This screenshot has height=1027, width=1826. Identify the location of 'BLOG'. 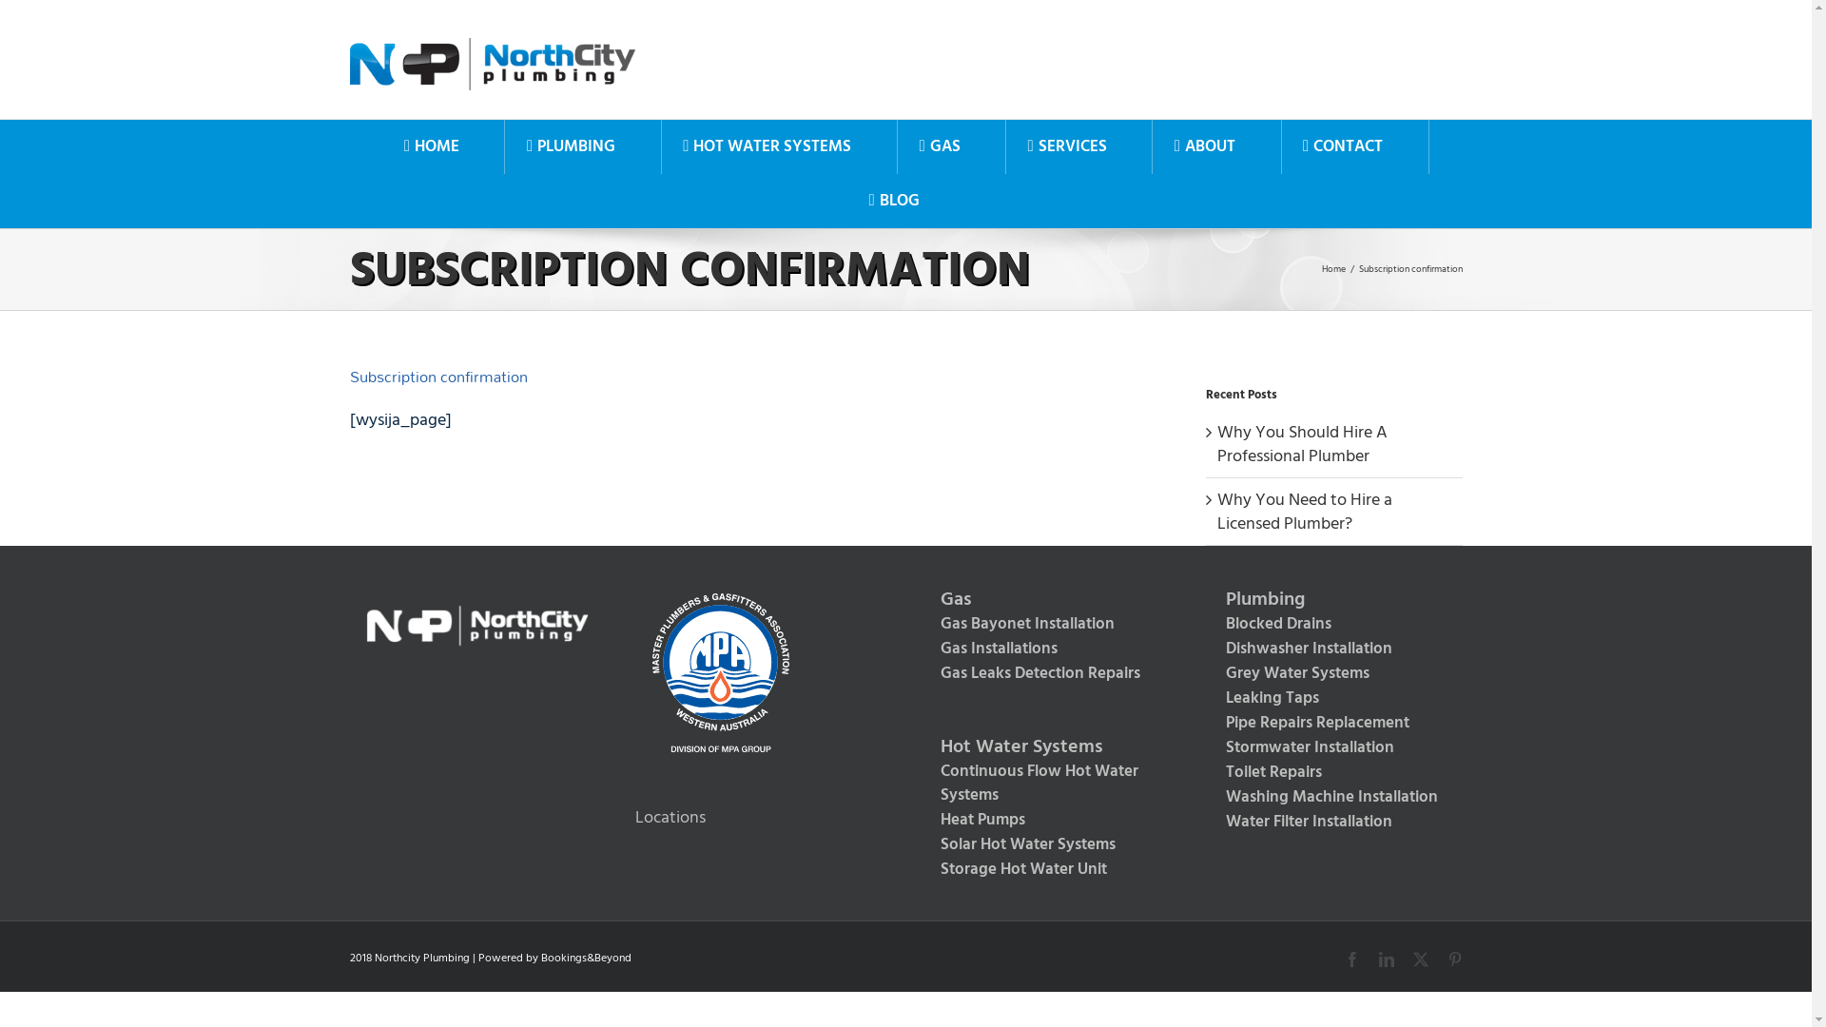
(893, 201).